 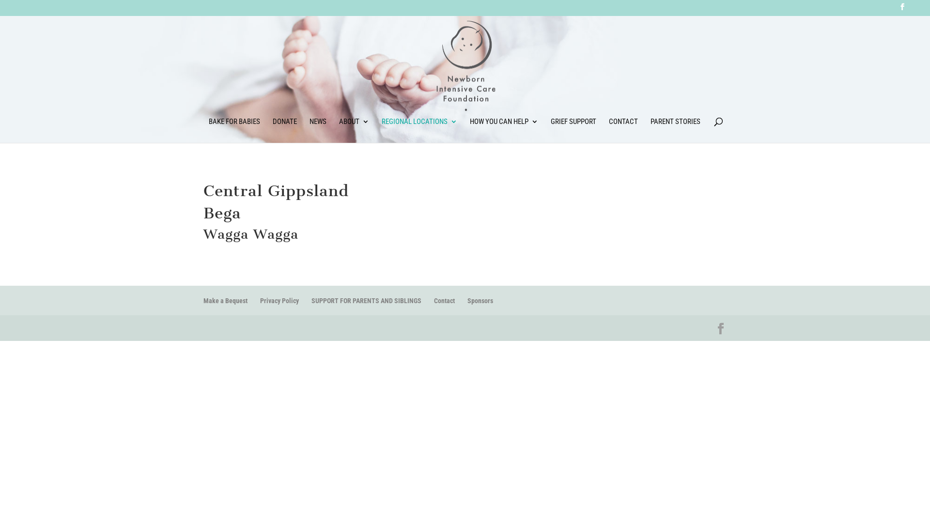 I want to click on 'GRIEF SUPPORT', so click(x=573, y=130).